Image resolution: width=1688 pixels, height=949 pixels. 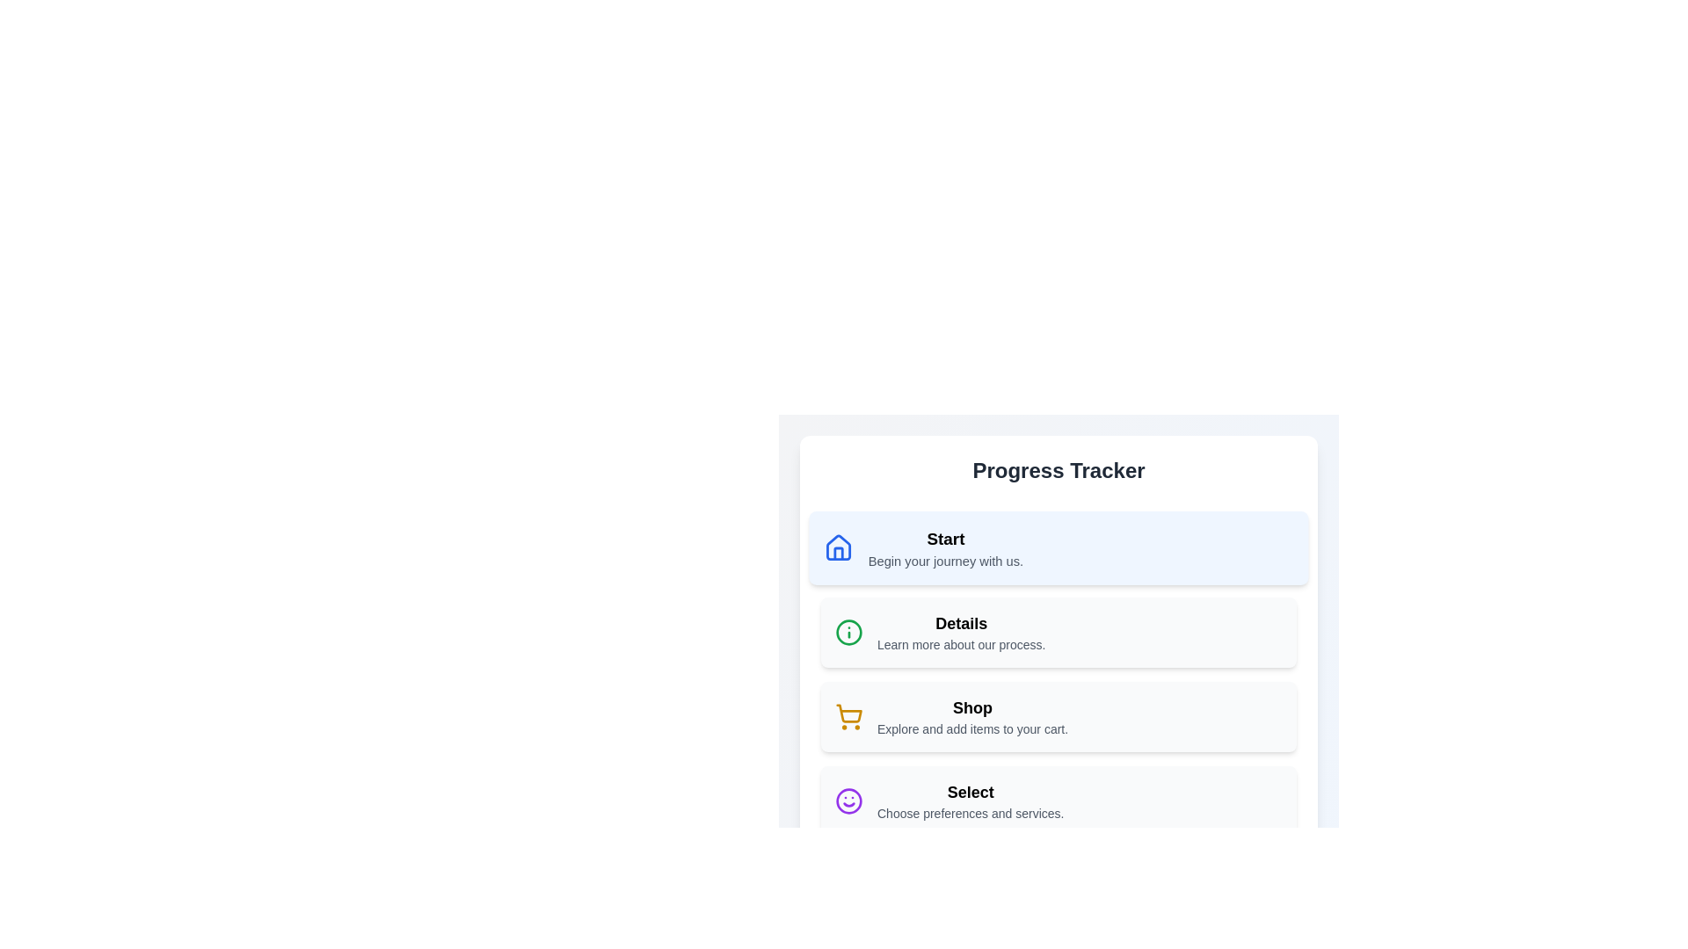 I want to click on the bold, black text label displaying 'Select', which is located in the fourth row of the Progress Tracker list, centered horizontally above the descriptive text, so click(x=970, y=793).